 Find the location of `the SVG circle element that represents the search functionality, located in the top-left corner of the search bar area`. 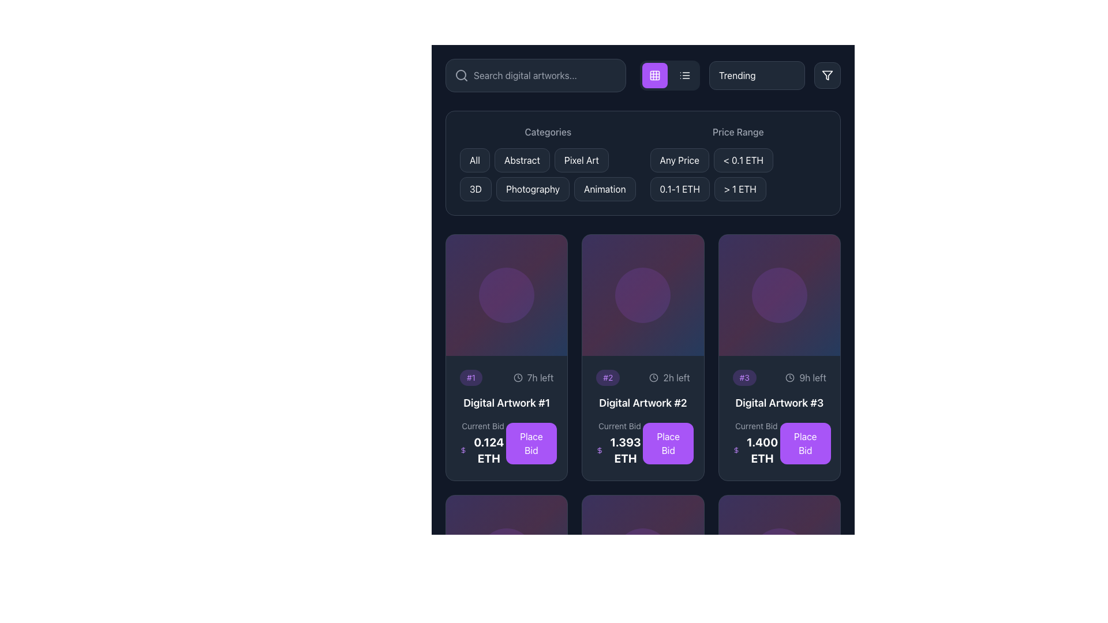

the SVG circle element that represents the search functionality, located in the top-left corner of the search bar area is located at coordinates (460, 75).